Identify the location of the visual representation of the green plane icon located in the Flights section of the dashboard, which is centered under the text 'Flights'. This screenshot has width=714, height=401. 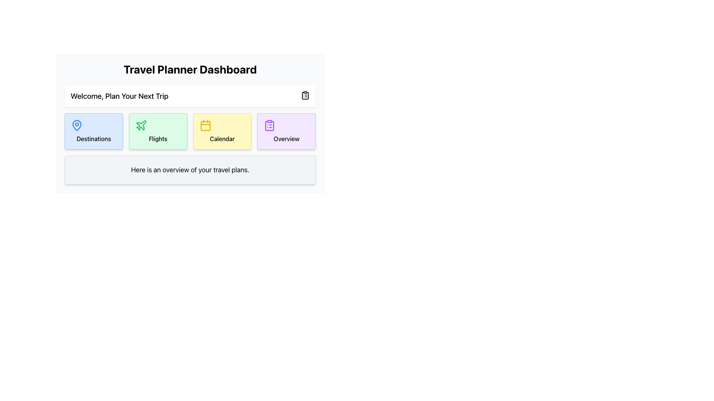
(141, 125).